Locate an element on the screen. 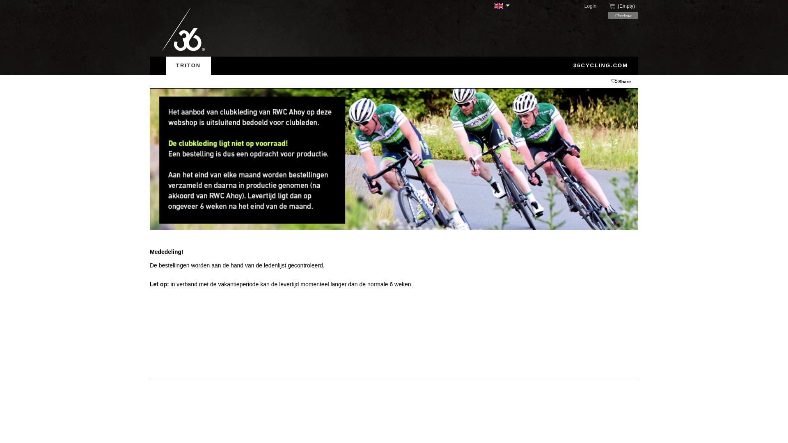 This screenshot has height=443, width=788. 'Share' is located at coordinates (624, 81).